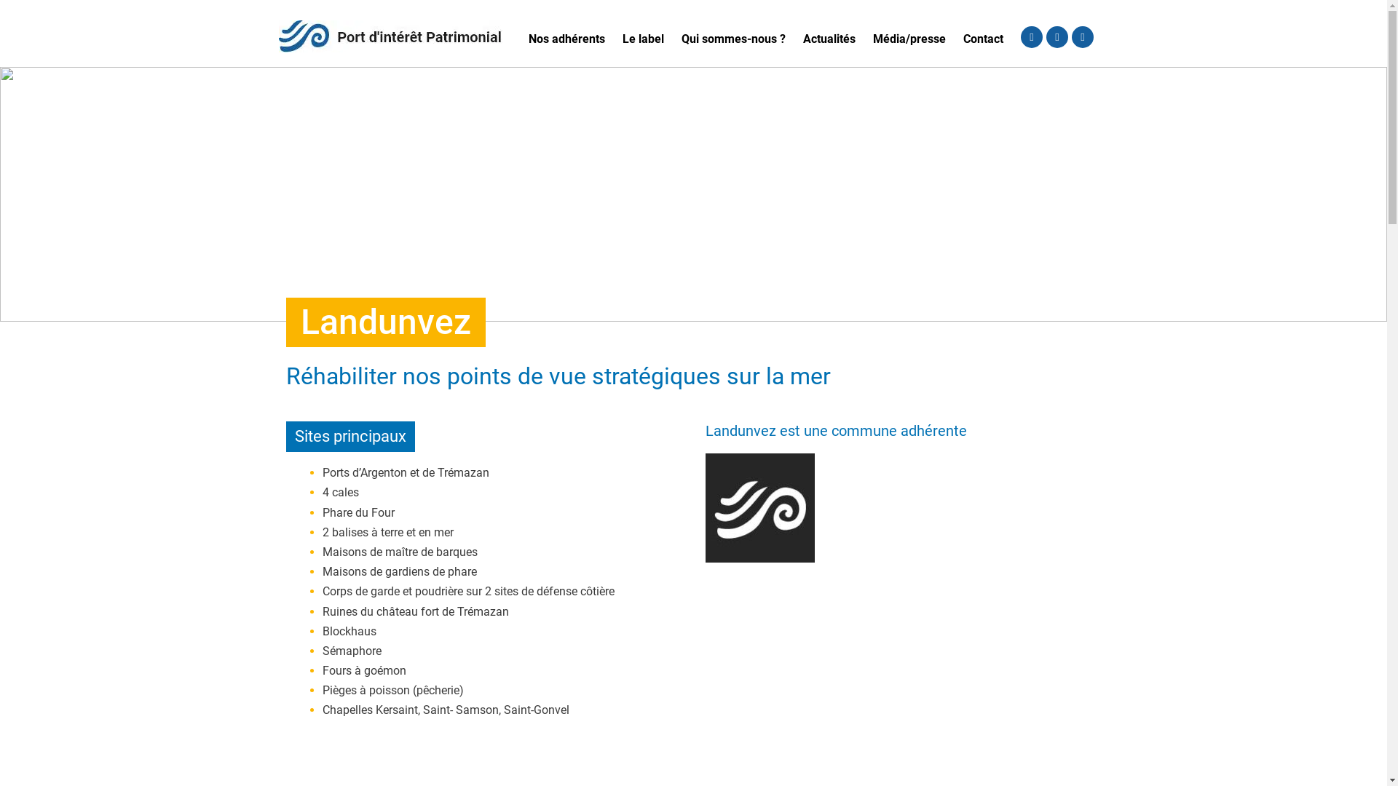 This screenshot has width=1398, height=786. I want to click on 'Contact', so click(954, 39).